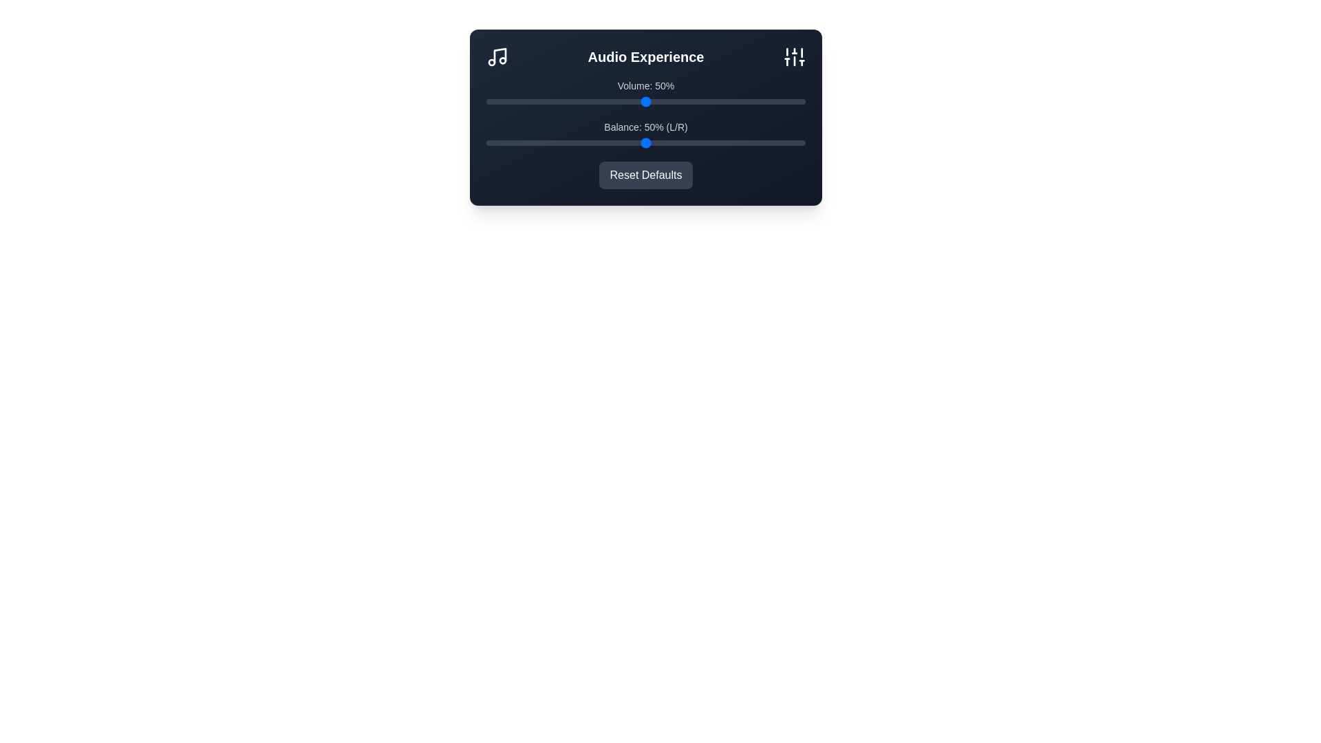  Describe the element at coordinates (773, 143) in the screenshot. I see `the balance slider to 90%` at that location.